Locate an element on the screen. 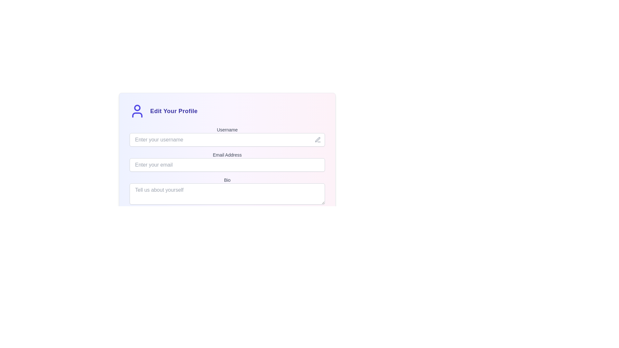  the Informational Banner located at the lower section of the 'Edit Your Profile' form, which provides guidance on username and email uniqueness and accuracy is located at coordinates (227, 220).